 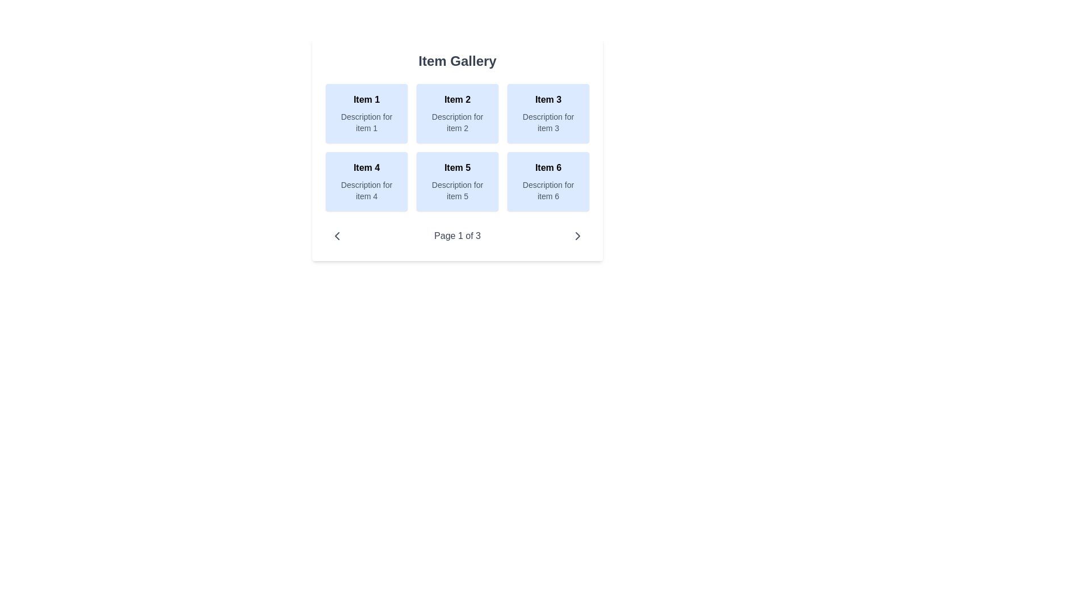 I want to click on the Text label that identifies 'Item 5', located in the fifth position of a grid layout in the bottom row, middle column, so click(x=458, y=168).